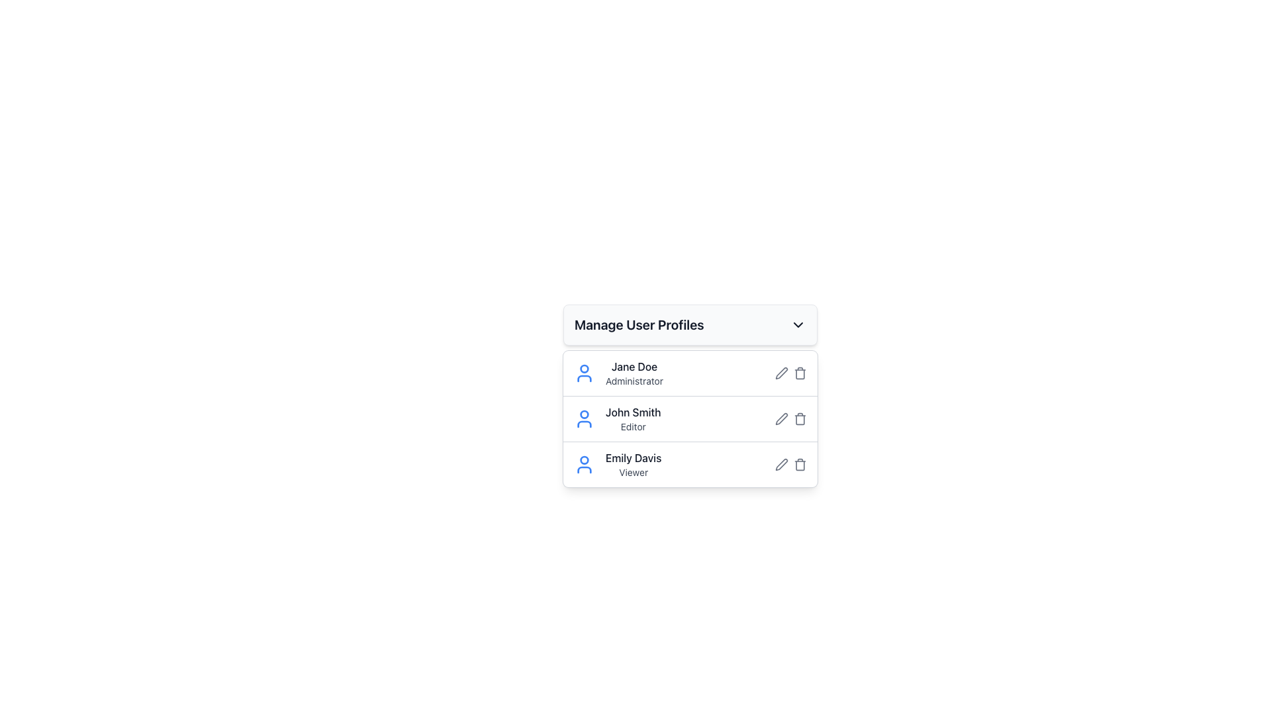 The height and width of the screenshot is (715, 1271). I want to click on the text label displaying 'Emily Davis' categorized as a 'Viewer', so click(632, 464).